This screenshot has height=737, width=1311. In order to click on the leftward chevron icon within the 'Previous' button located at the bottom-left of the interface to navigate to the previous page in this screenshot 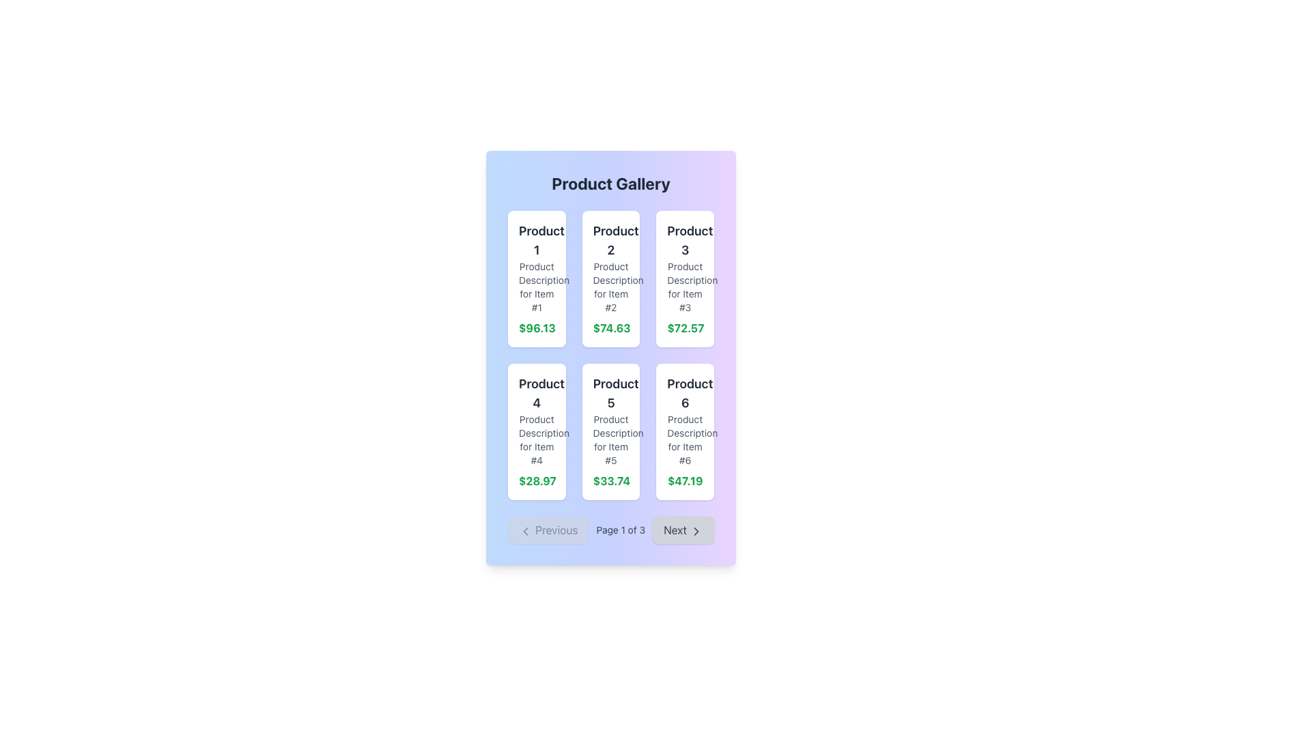, I will do `click(524, 530)`.